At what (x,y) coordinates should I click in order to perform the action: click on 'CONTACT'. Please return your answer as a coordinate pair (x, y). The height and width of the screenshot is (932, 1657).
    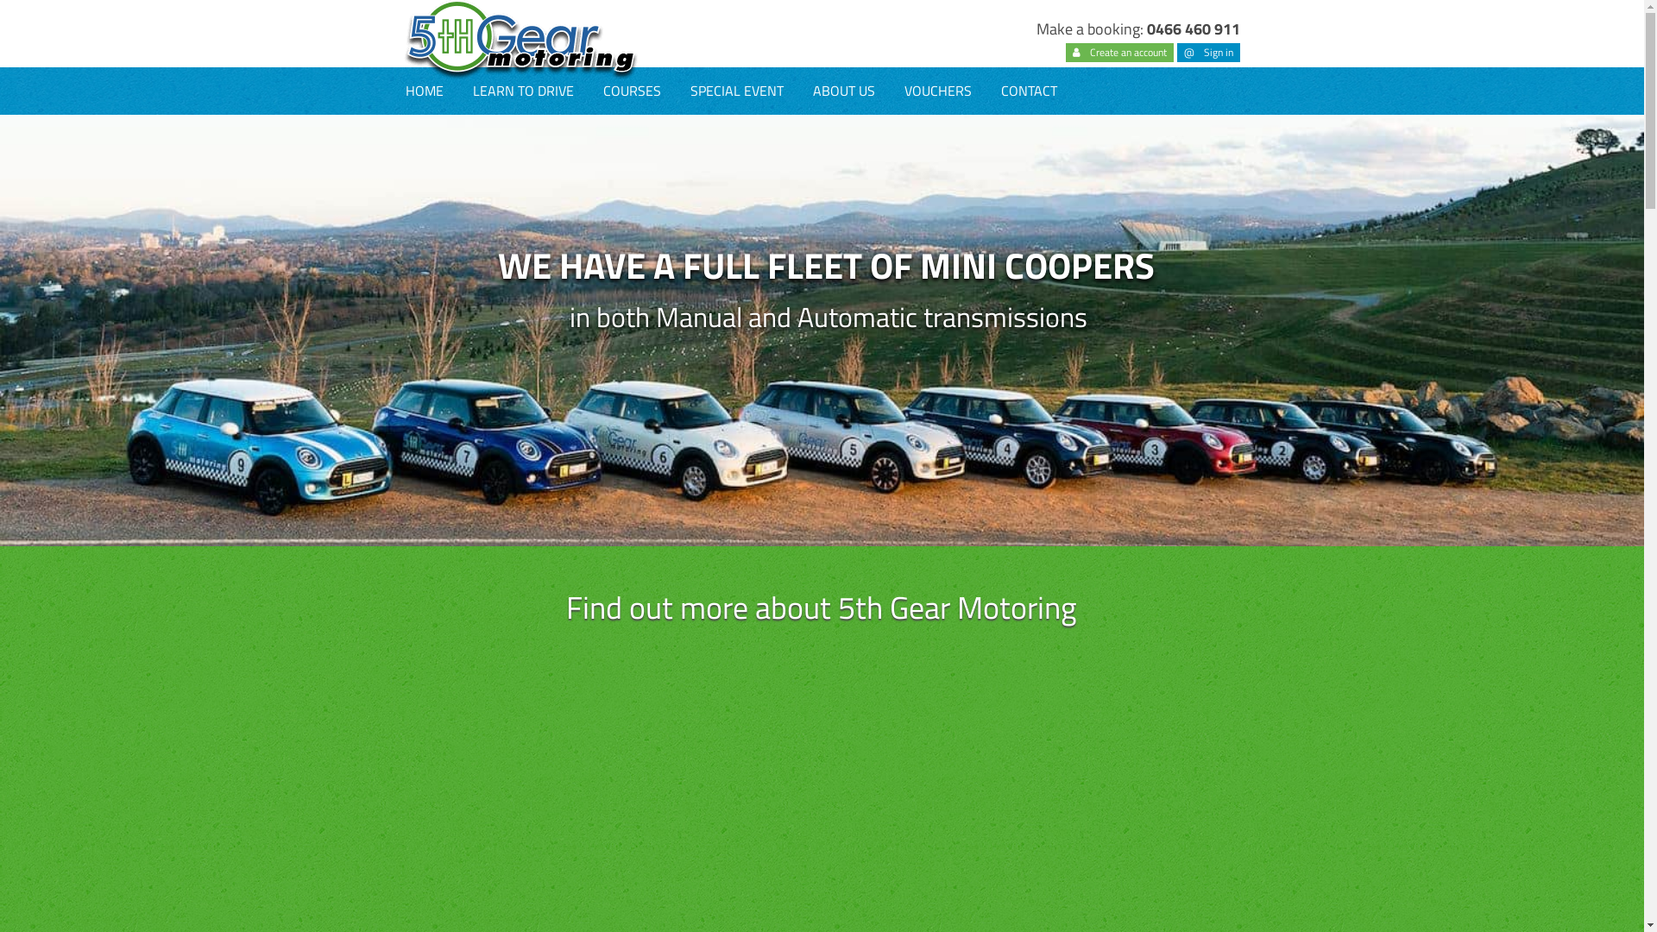
    Looking at the image, I should click on (1028, 91).